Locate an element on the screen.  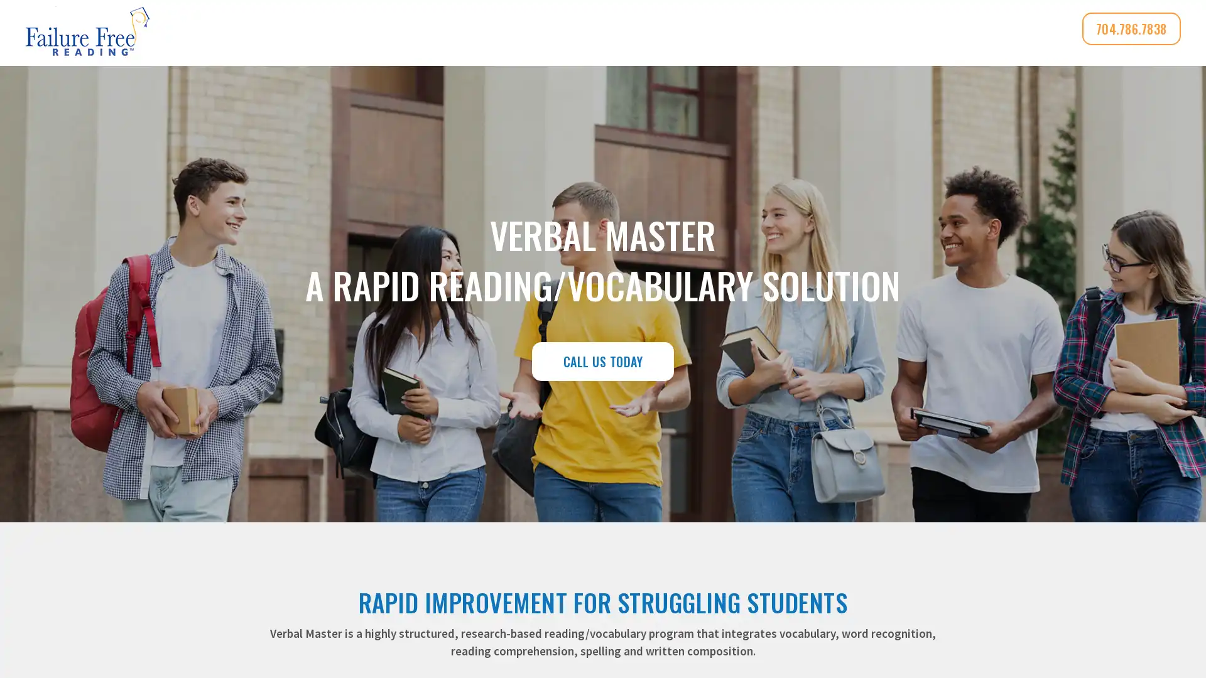
CALL US TODAY is located at coordinates (602, 360).